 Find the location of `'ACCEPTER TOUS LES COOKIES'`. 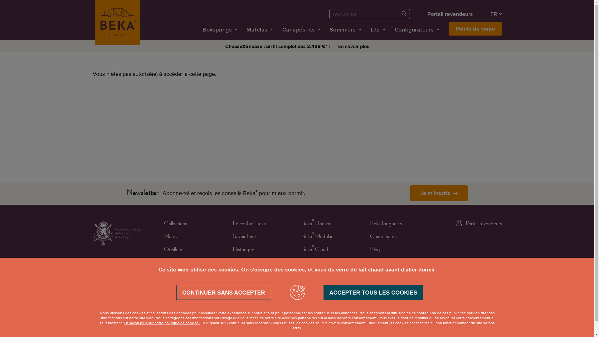

'ACCEPTER TOUS LES COOKIES' is located at coordinates (373, 292).